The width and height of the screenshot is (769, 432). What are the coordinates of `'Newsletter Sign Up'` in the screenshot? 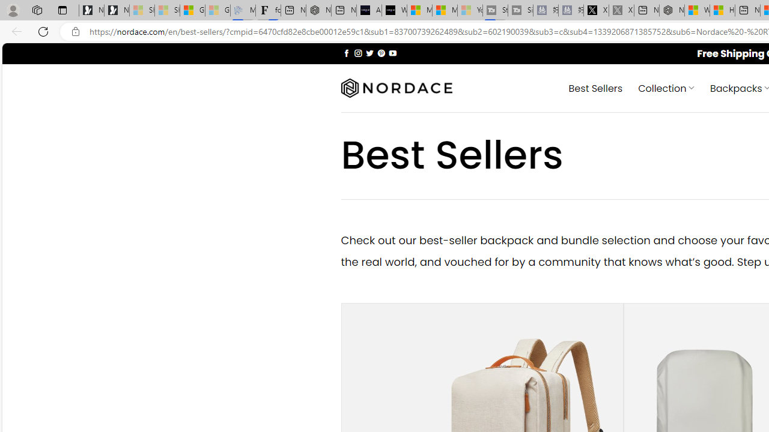 It's located at (117, 10).